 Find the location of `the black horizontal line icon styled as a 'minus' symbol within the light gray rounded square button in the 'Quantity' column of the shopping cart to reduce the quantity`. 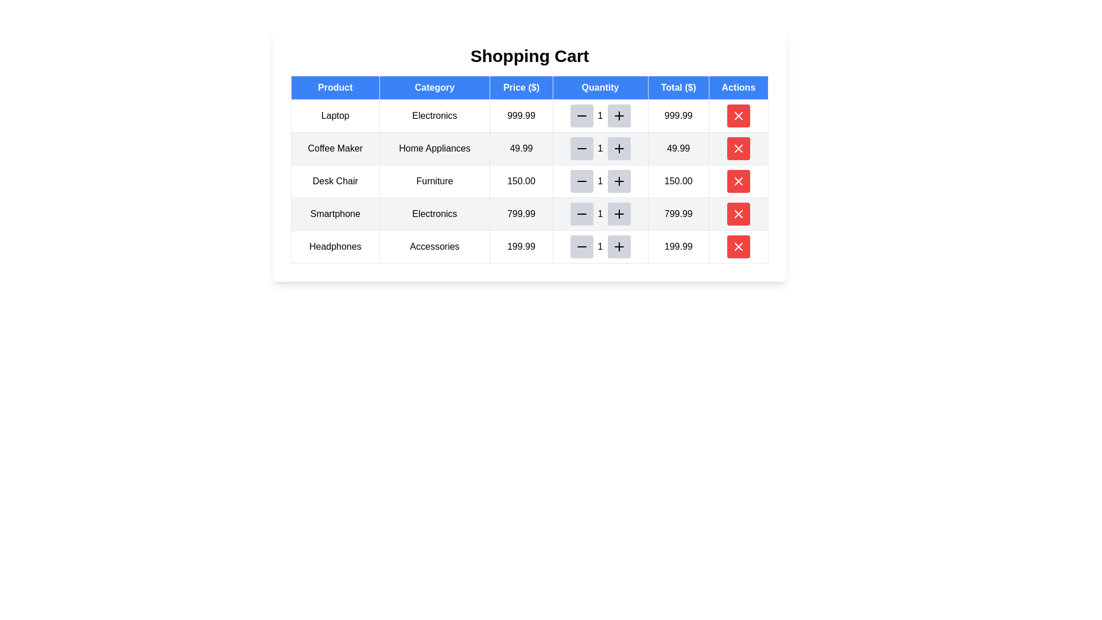

the black horizontal line icon styled as a 'minus' symbol within the light gray rounded square button in the 'Quantity' column of the shopping cart to reduce the quantity is located at coordinates (581, 115).